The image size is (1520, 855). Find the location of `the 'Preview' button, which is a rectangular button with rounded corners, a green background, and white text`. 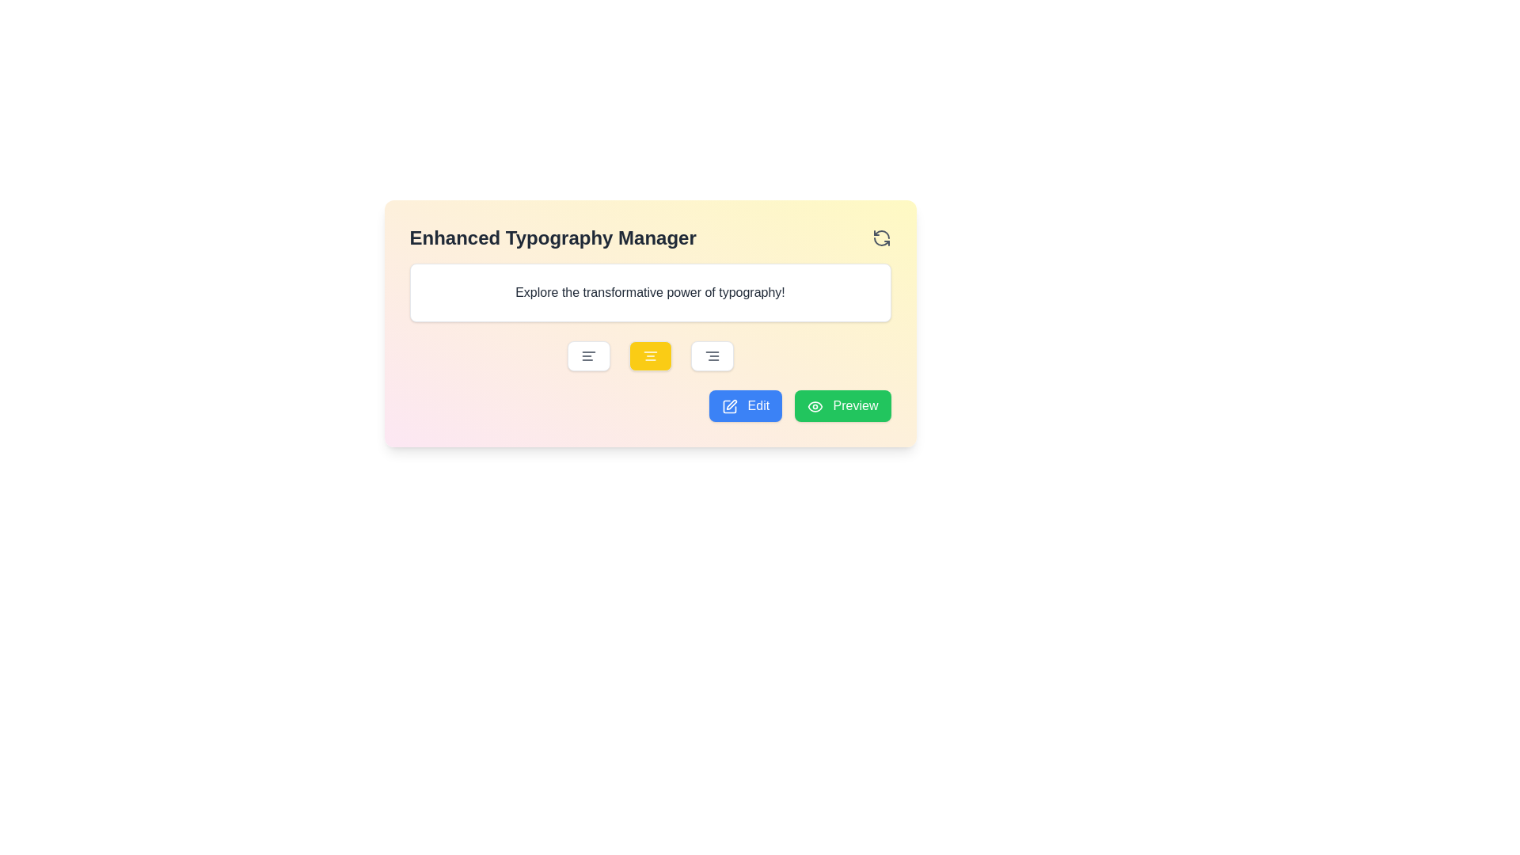

the 'Preview' button, which is a rectangular button with rounded corners, a green background, and white text is located at coordinates (842, 405).